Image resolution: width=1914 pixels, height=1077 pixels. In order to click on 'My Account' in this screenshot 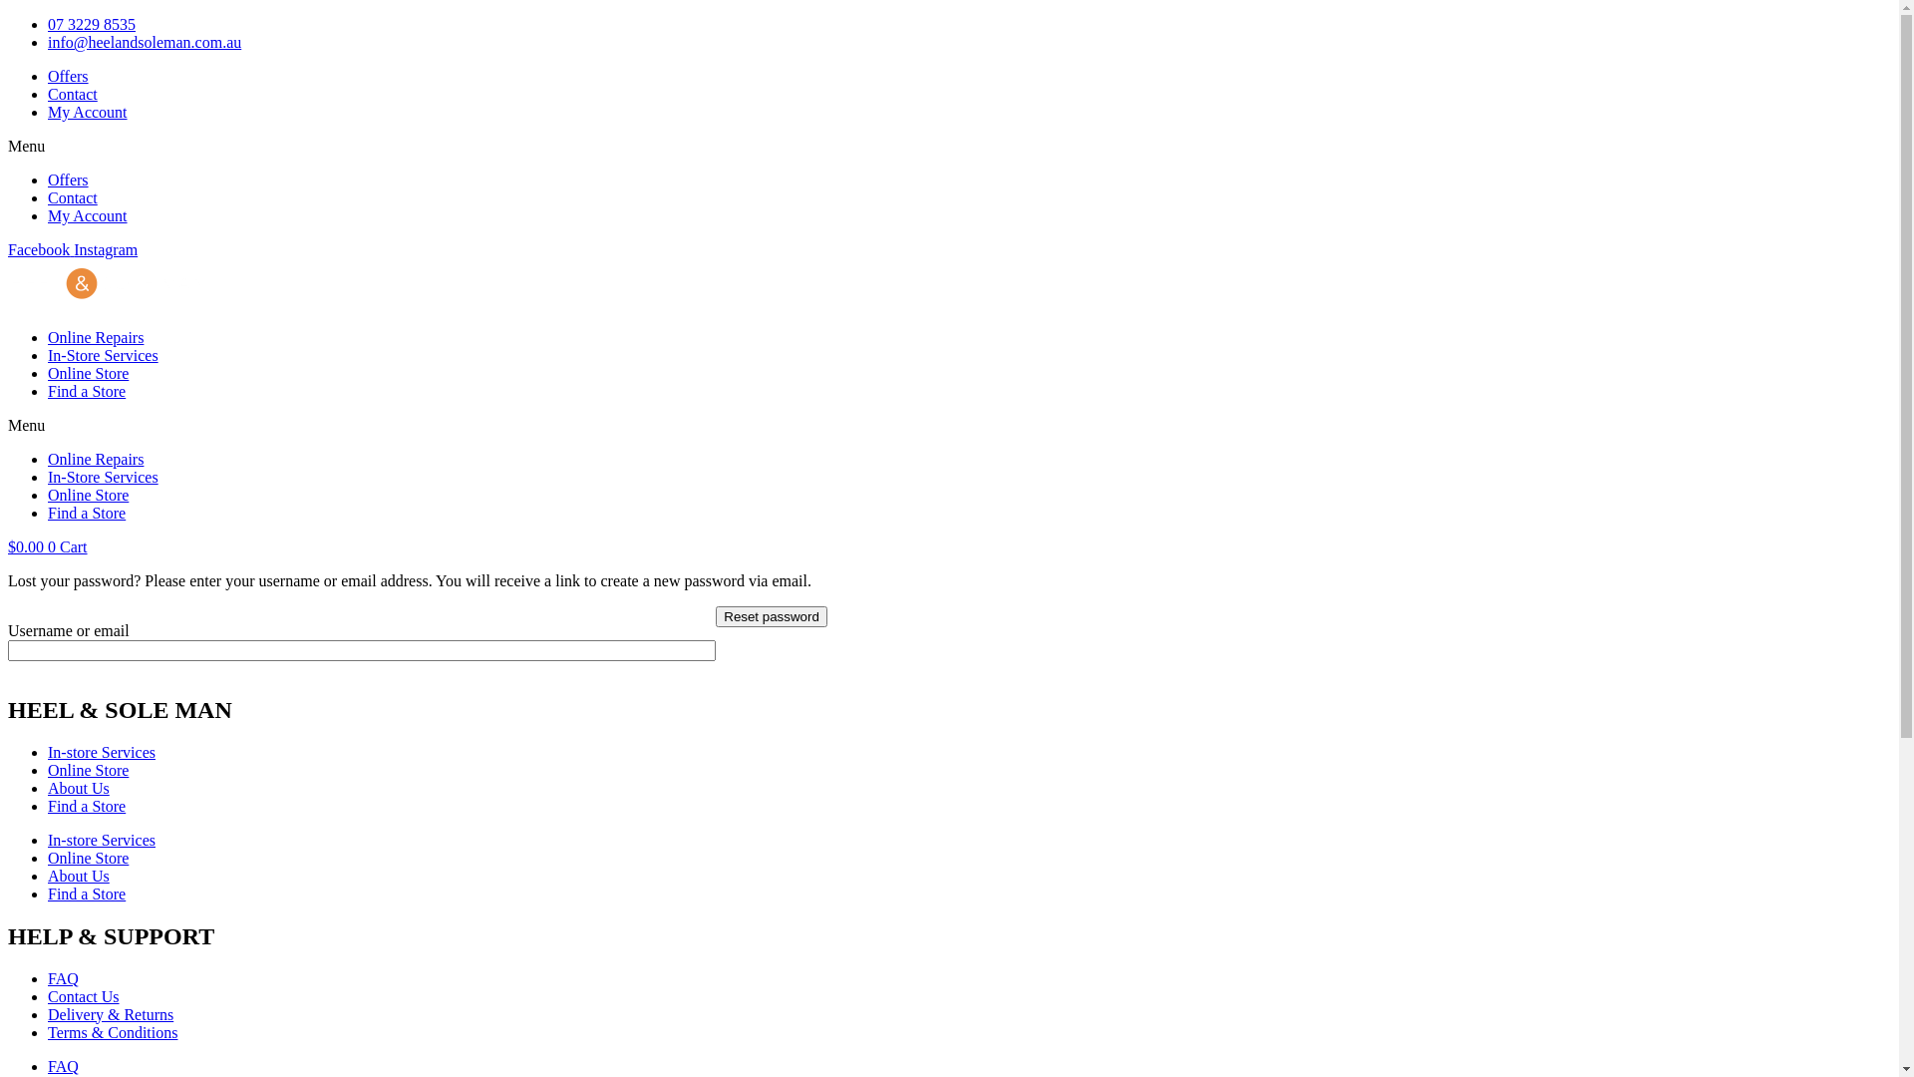, I will do `click(86, 215)`.